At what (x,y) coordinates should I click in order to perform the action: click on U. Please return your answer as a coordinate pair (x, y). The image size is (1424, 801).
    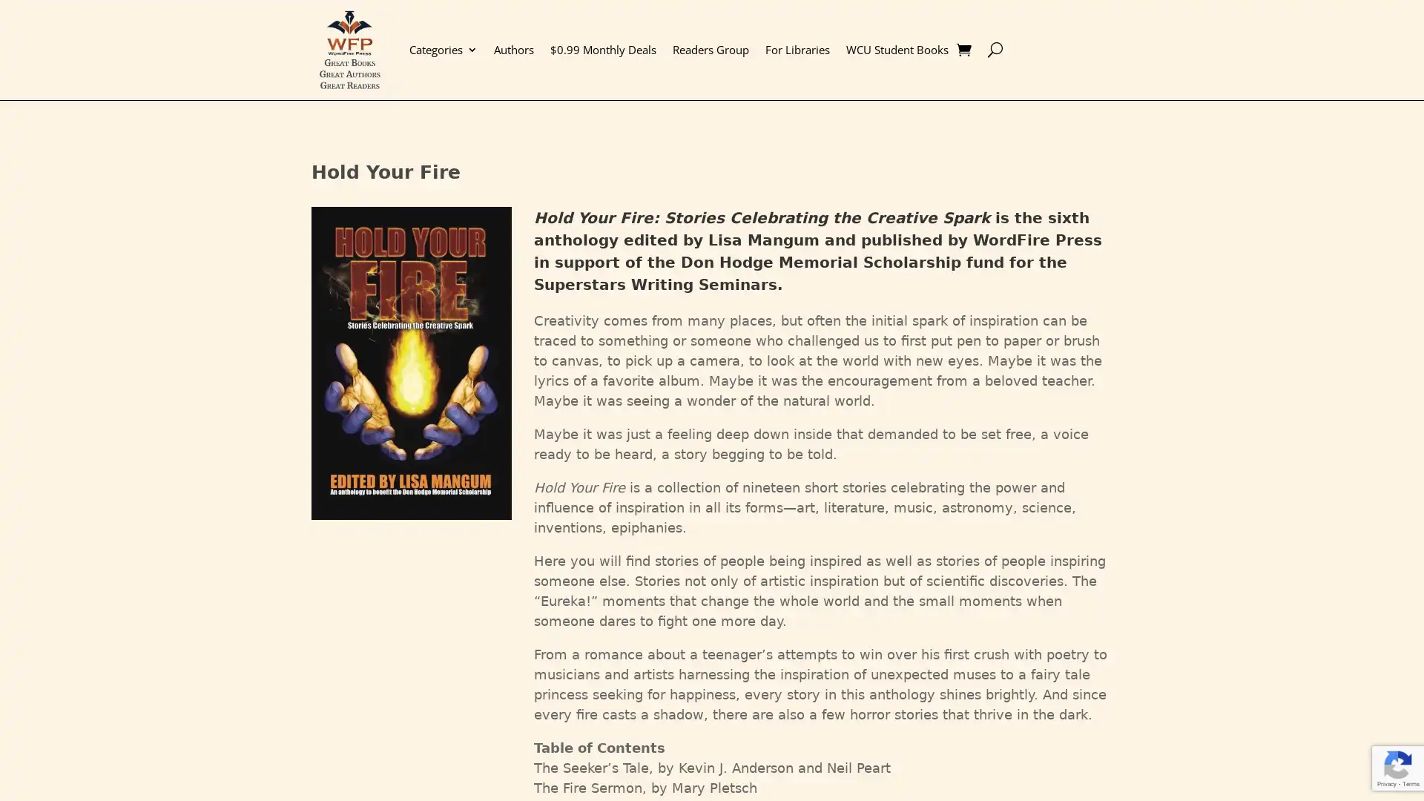
    Looking at the image, I should click on (994, 48).